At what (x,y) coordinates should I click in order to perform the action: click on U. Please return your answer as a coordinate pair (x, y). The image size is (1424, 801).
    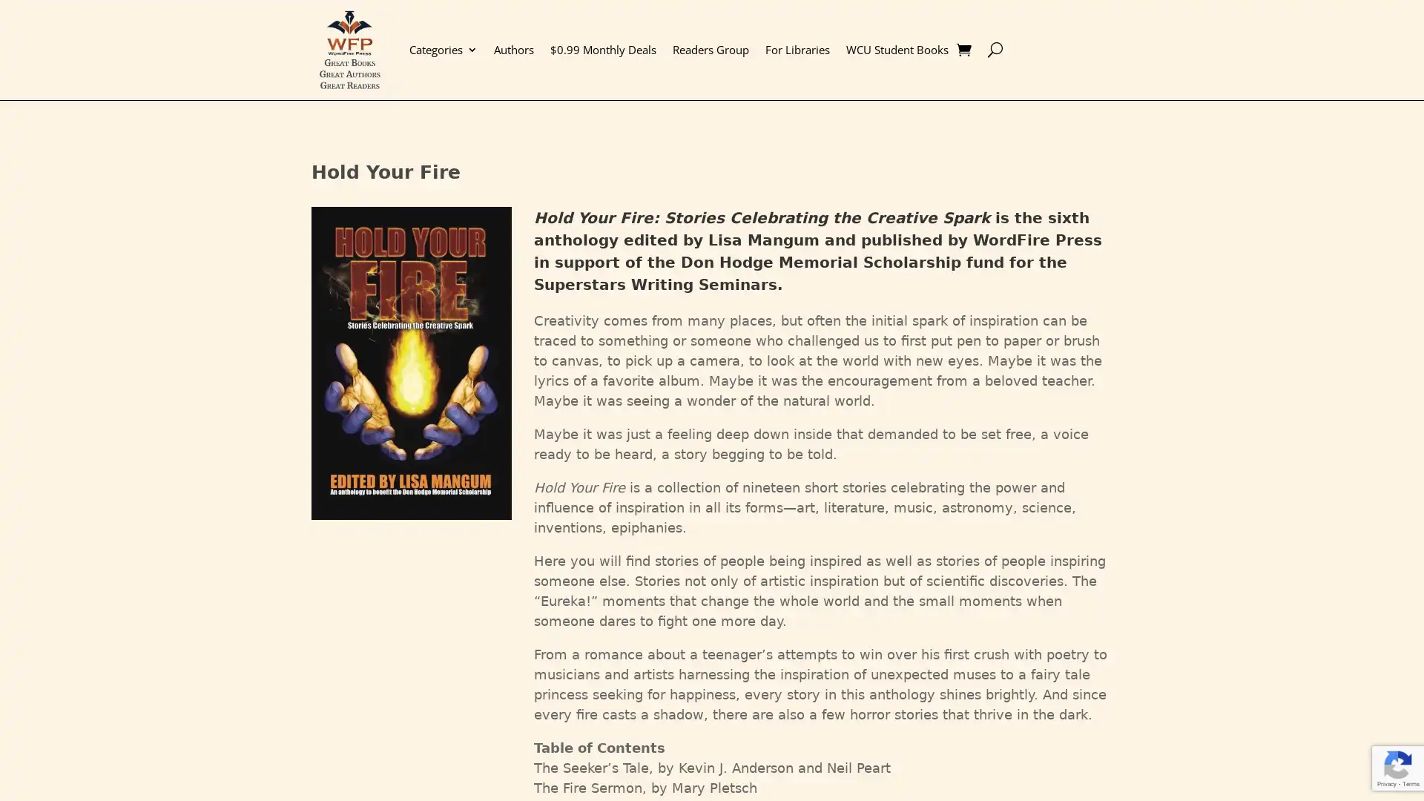
    Looking at the image, I should click on (994, 48).